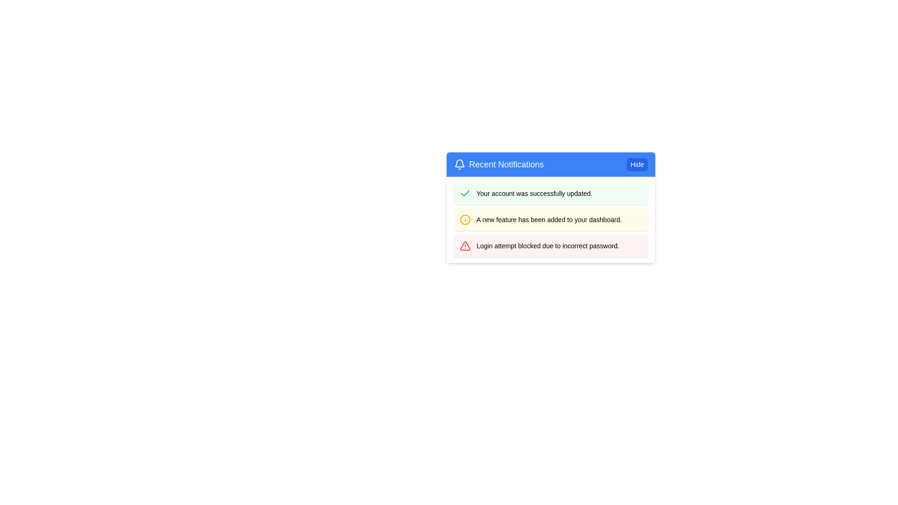  I want to click on the toggle button located at the far right of the blue header bar labeled 'Recent Notifications', so click(637, 164).